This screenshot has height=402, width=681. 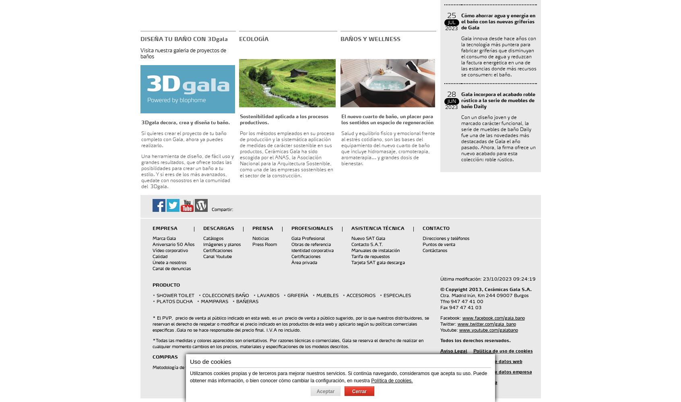 What do you see at coordinates (237, 367) in the screenshot?
I see `'.'` at bounding box center [237, 367].